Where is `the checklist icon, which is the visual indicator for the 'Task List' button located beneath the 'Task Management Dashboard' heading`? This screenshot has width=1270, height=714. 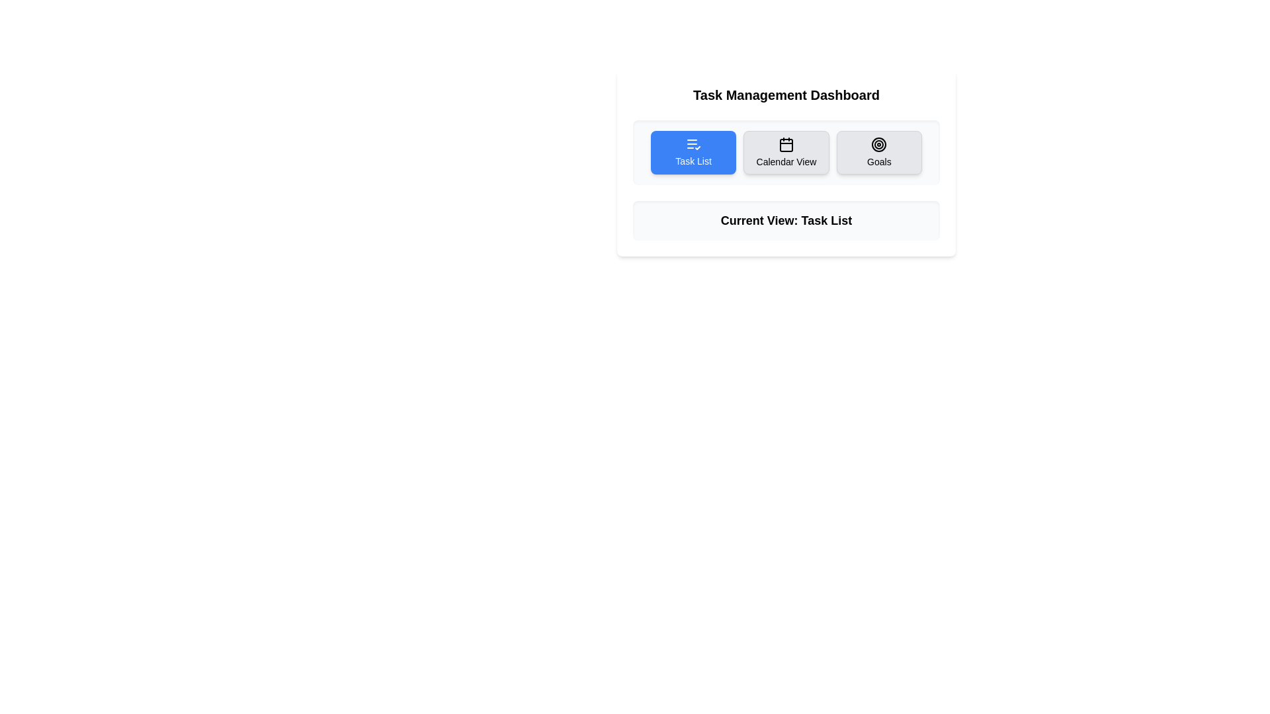
the checklist icon, which is the visual indicator for the 'Task List' button located beneath the 'Task Management Dashboard' heading is located at coordinates (693, 144).